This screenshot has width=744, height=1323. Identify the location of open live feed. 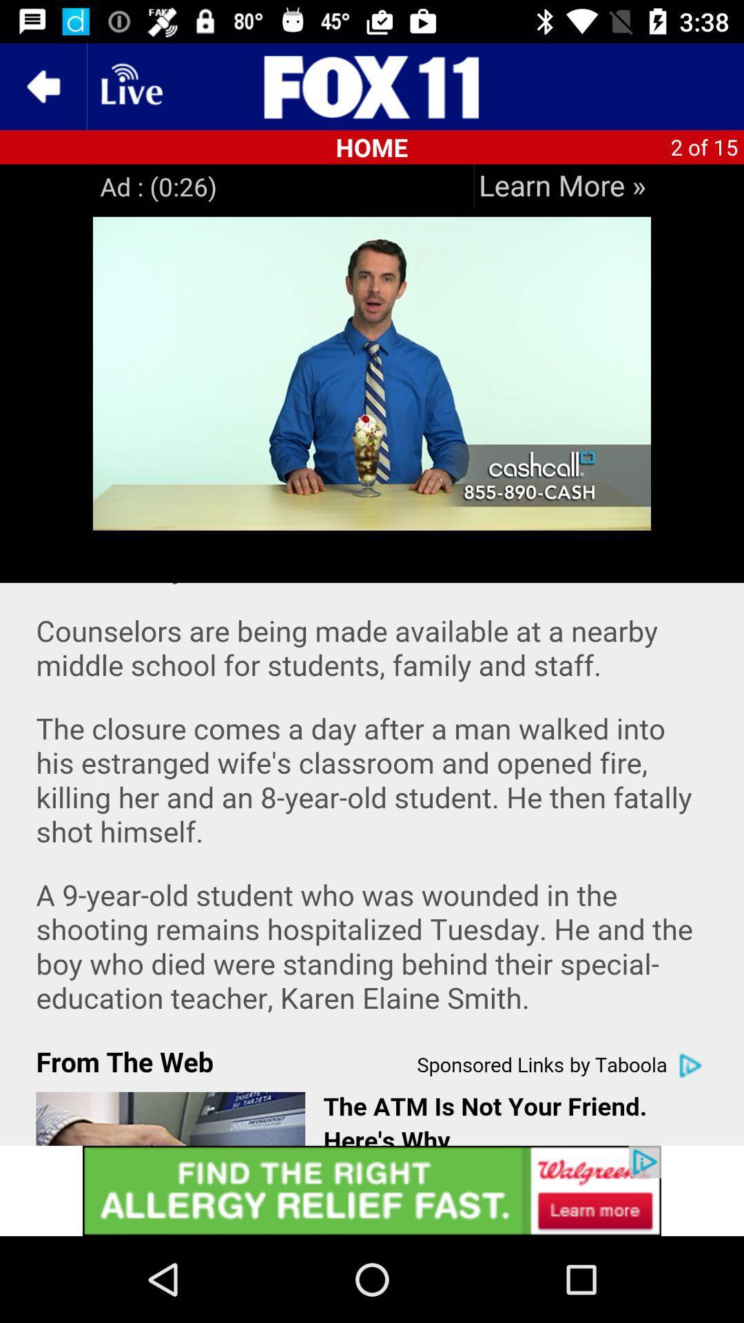
(130, 85).